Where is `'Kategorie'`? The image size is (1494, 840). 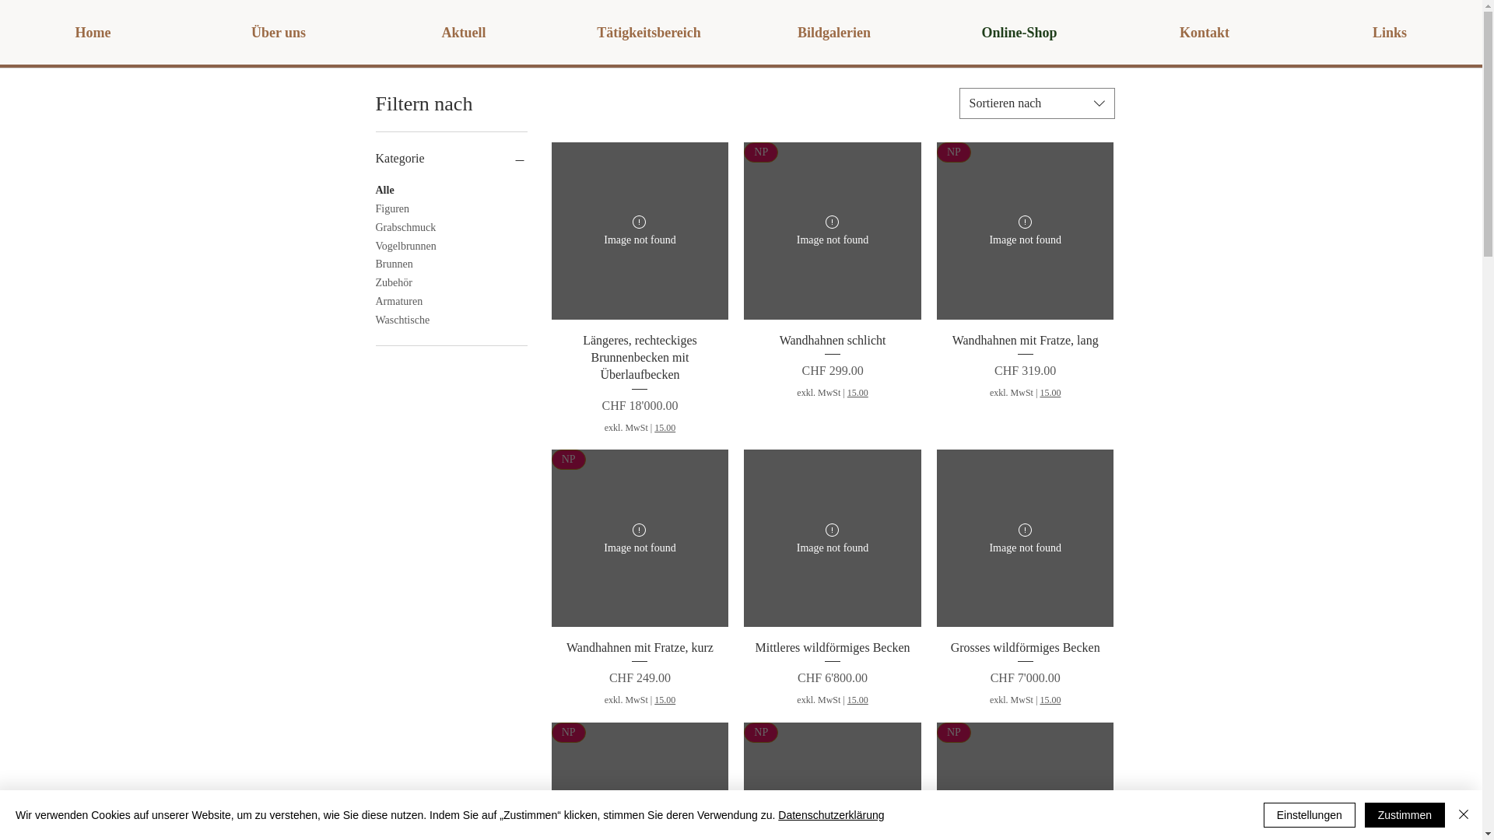
'Kategorie' is located at coordinates (374, 159).